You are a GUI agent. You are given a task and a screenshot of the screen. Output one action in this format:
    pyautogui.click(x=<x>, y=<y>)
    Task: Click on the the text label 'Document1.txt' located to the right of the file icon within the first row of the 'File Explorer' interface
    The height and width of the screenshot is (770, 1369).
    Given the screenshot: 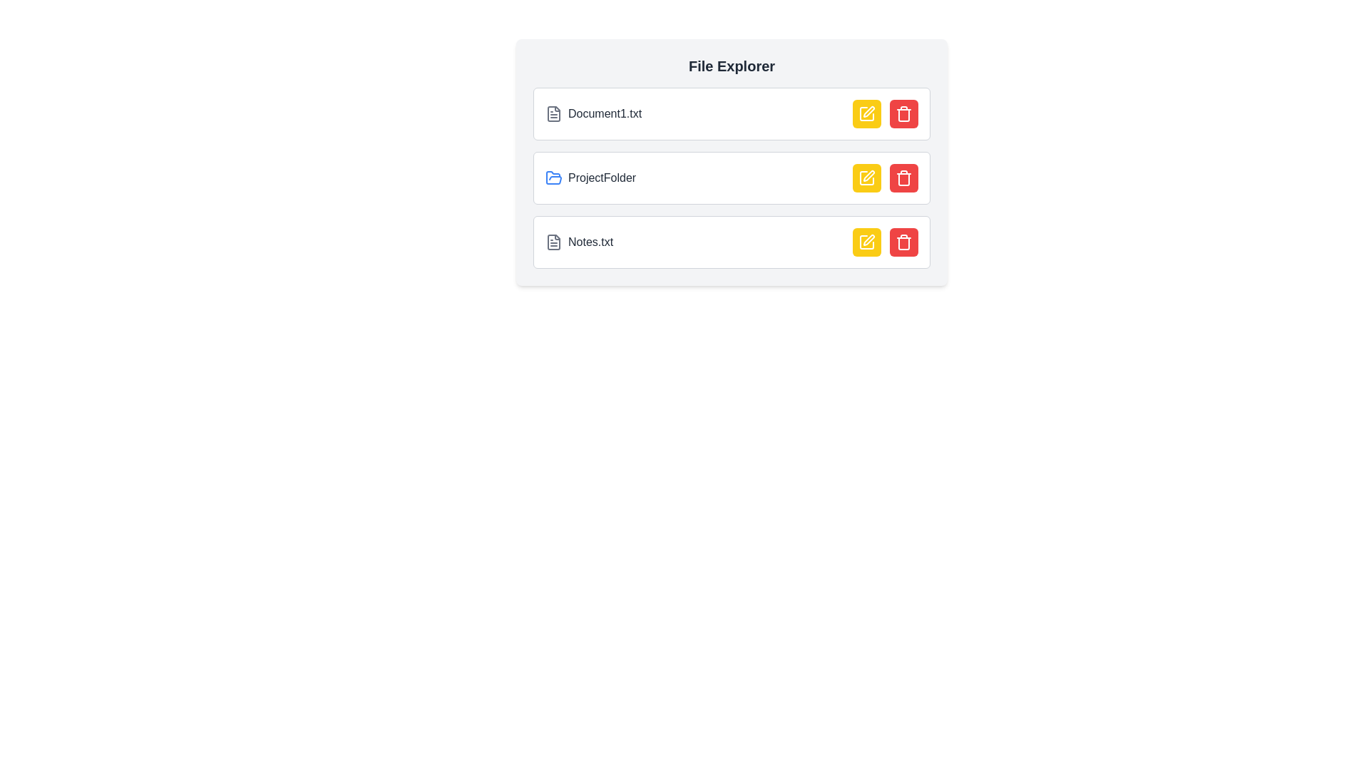 What is the action you would take?
    pyautogui.click(x=605, y=113)
    